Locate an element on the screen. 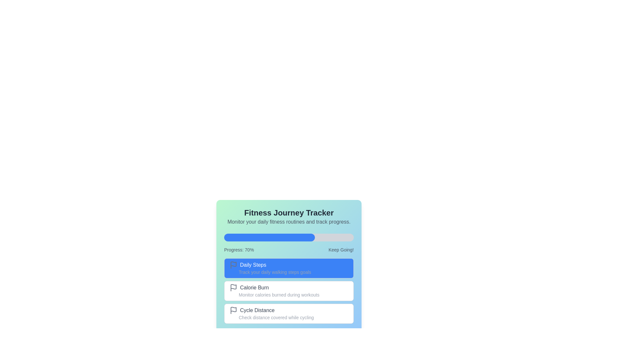 This screenshot has width=622, height=350. the simplified flag icon with a gray outline that is located to the left of the 'Calorie Burn' text for more information is located at coordinates (233, 287).